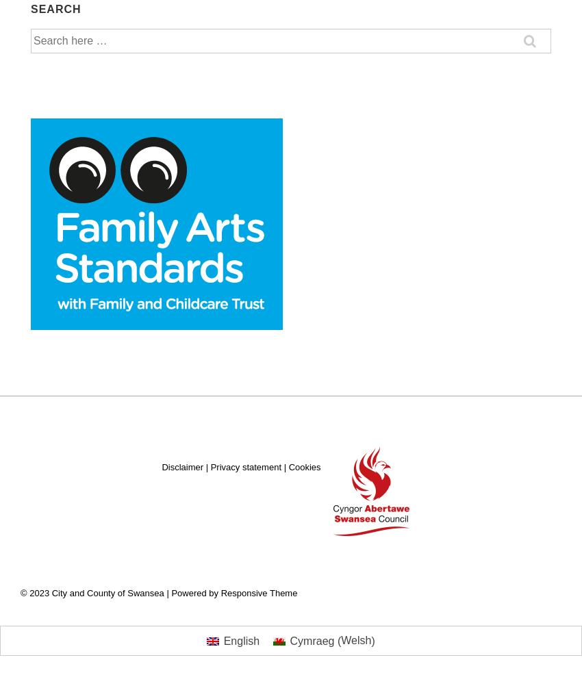 The image size is (582, 675). What do you see at coordinates (355, 640) in the screenshot?
I see `'Welsh'` at bounding box center [355, 640].